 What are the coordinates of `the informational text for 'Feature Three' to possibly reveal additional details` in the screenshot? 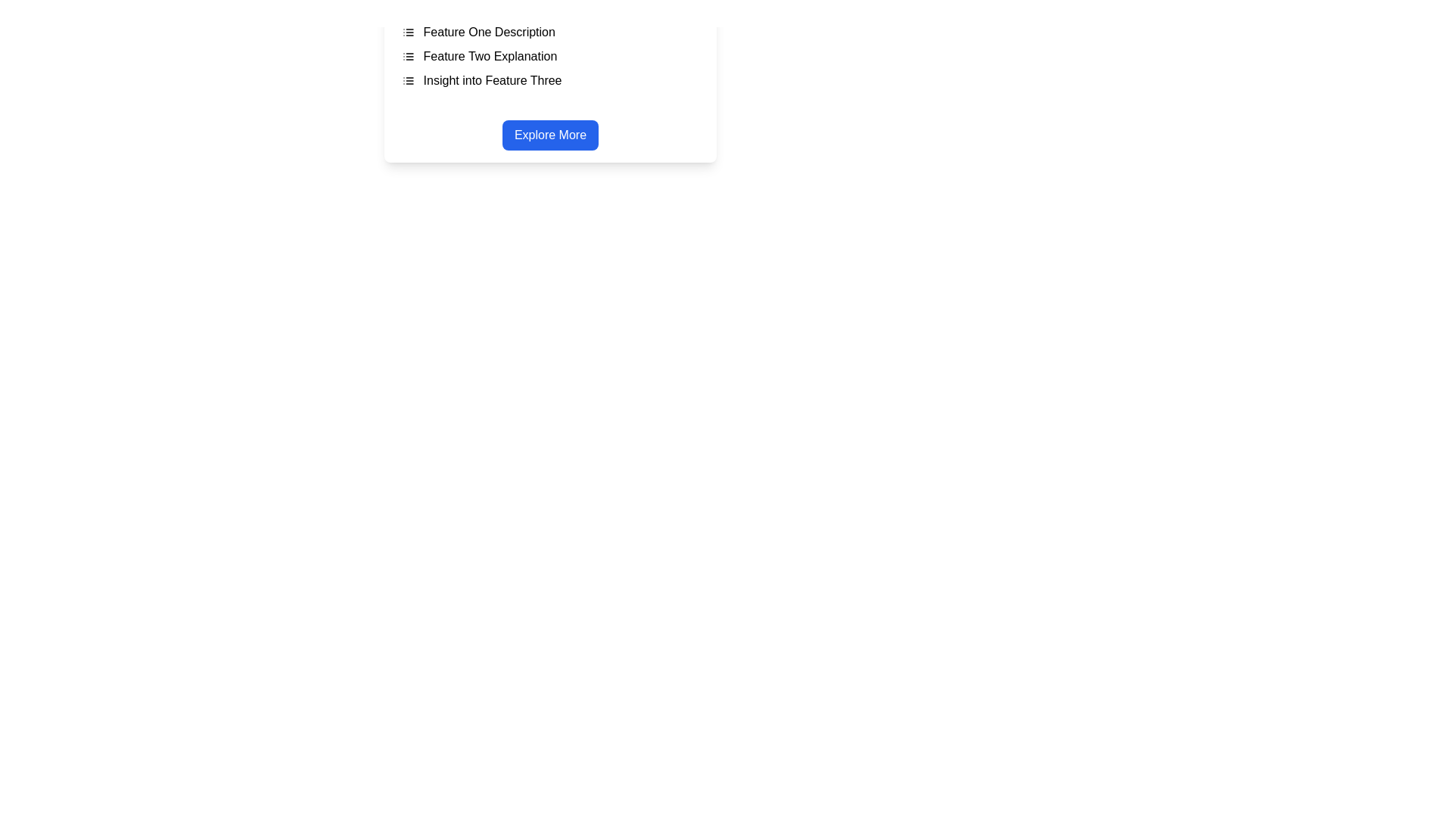 It's located at (549, 80).